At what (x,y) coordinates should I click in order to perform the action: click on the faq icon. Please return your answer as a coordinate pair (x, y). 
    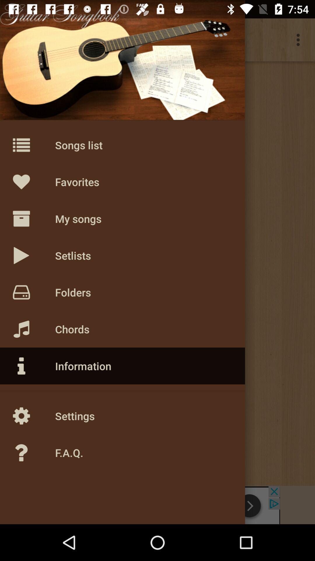
    Looking at the image, I should click on (34, 453).